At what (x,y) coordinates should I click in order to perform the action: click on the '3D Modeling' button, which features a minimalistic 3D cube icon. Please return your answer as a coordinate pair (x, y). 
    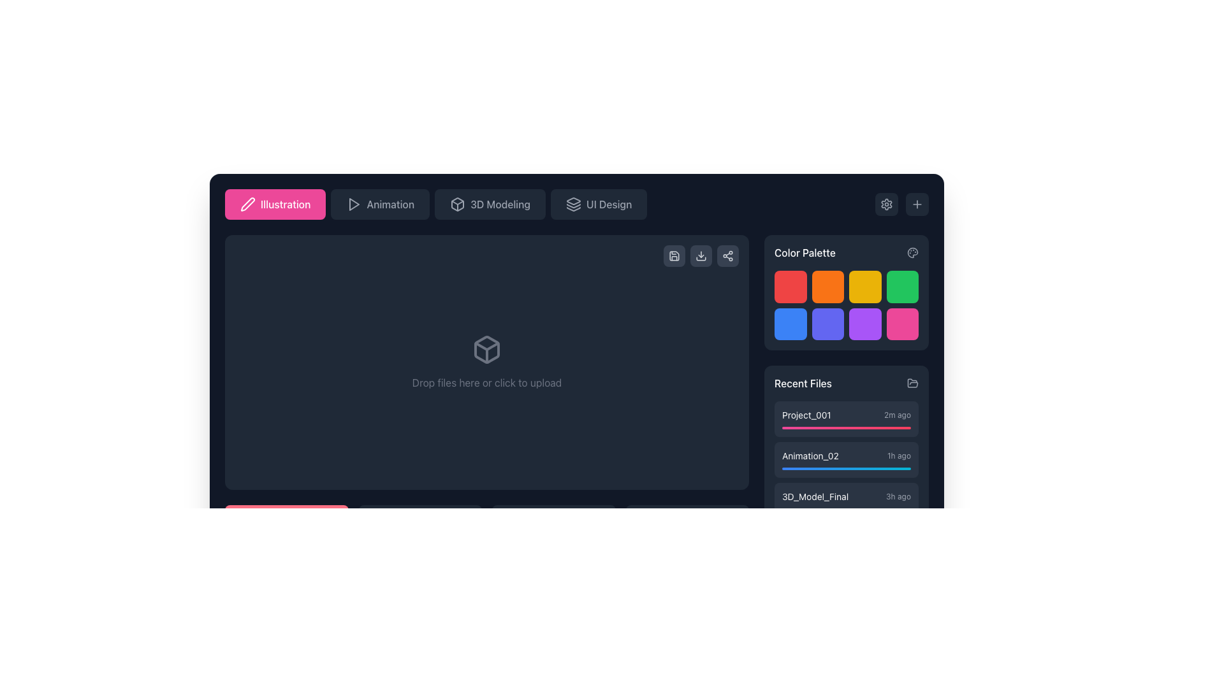
    Looking at the image, I should click on (458, 203).